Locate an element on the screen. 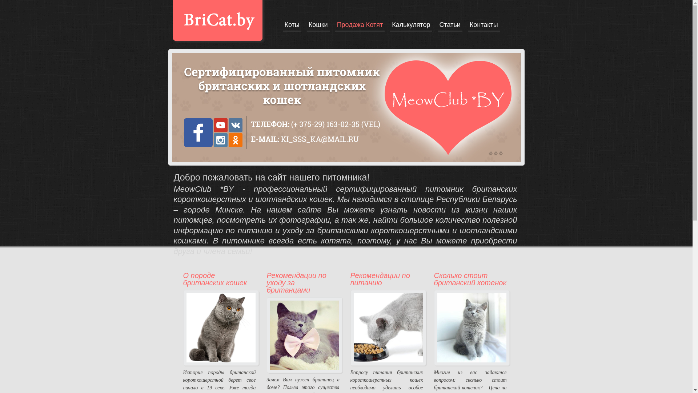 The width and height of the screenshot is (698, 393). '1' is located at coordinates (490, 152).